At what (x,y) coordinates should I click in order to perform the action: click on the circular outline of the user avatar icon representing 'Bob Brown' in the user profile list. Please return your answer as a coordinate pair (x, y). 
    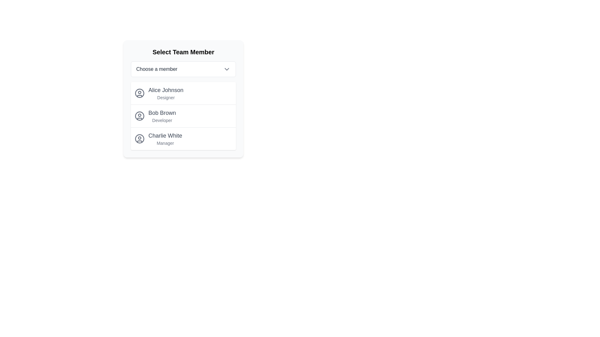
    Looking at the image, I should click on (139, 116).